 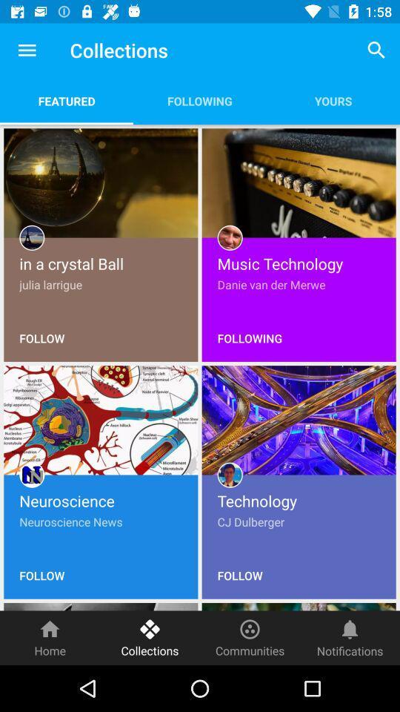 I want to click on the featured, so click(x=66, y=100).